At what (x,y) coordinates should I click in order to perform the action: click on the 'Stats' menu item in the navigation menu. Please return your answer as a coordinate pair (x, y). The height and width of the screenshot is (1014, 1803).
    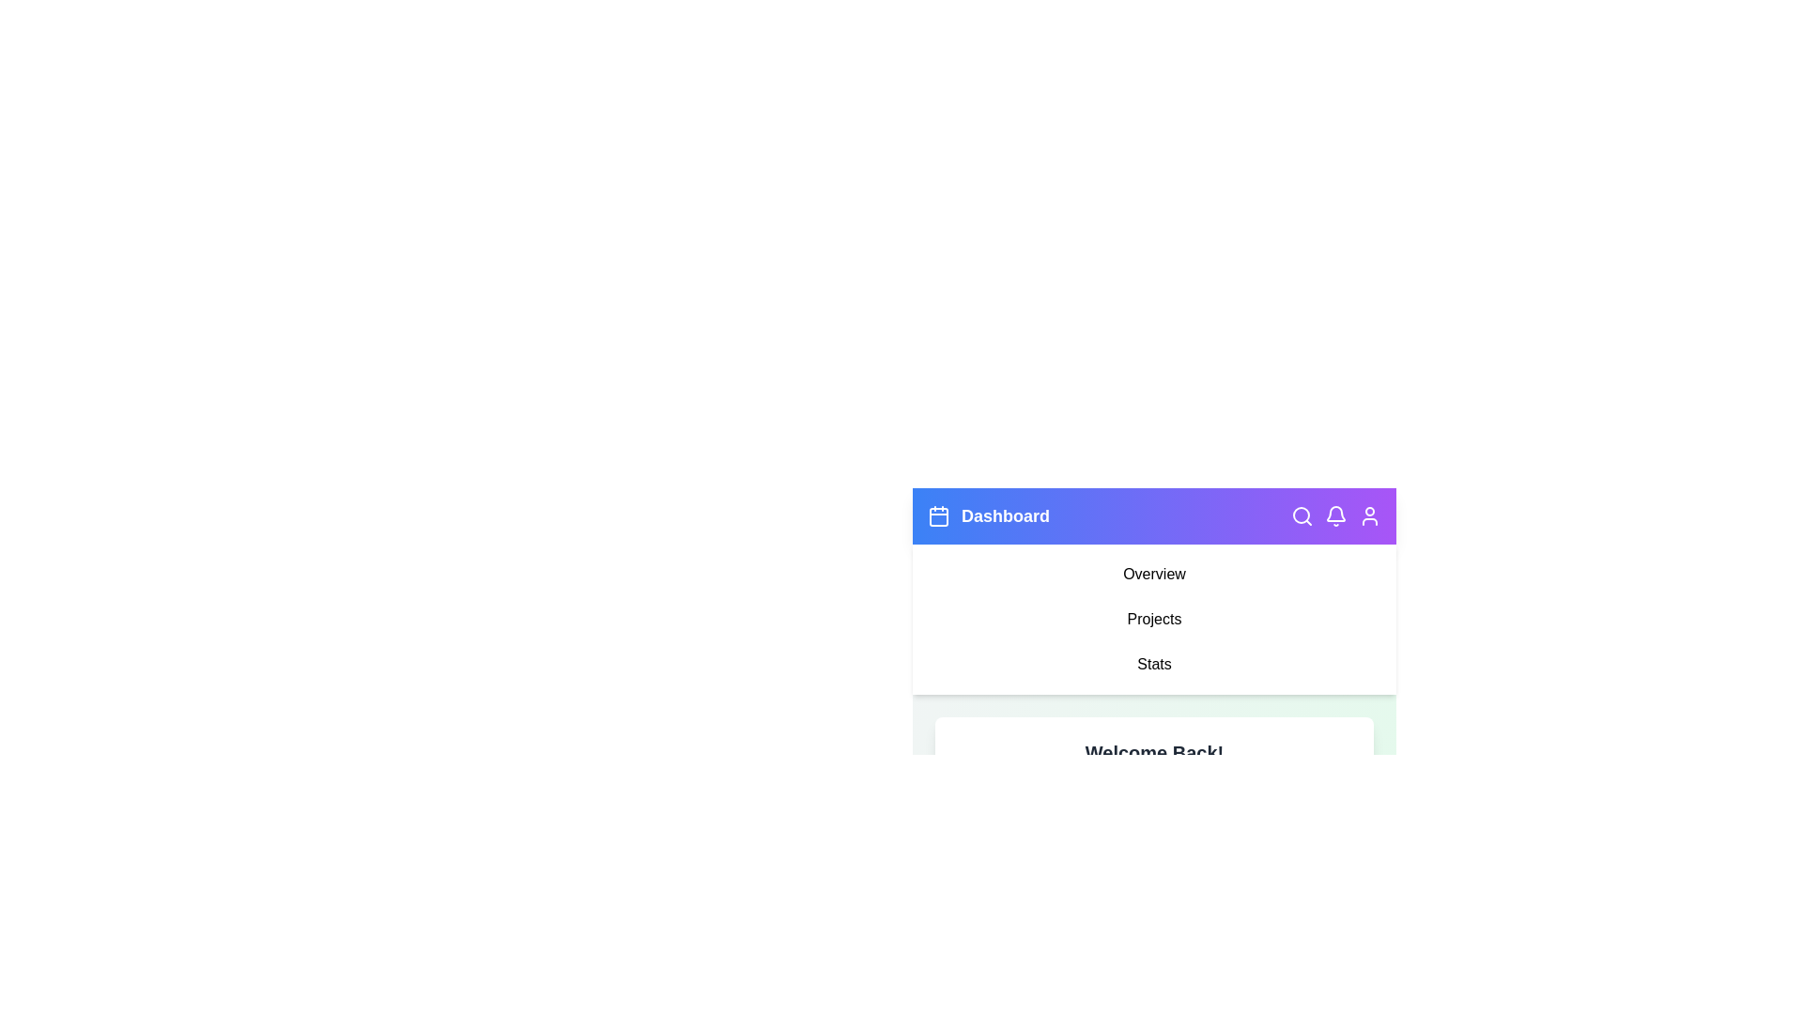
    Looking at the image, I should click on (1153, 664).